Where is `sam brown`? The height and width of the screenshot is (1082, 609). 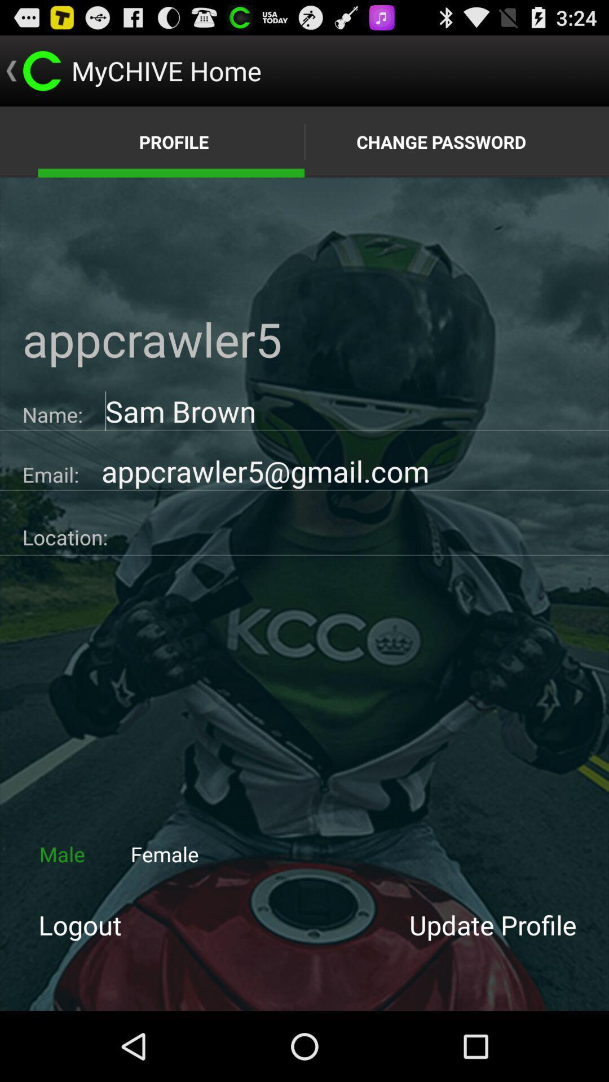 sam brown is located at coordinates (345, 410).